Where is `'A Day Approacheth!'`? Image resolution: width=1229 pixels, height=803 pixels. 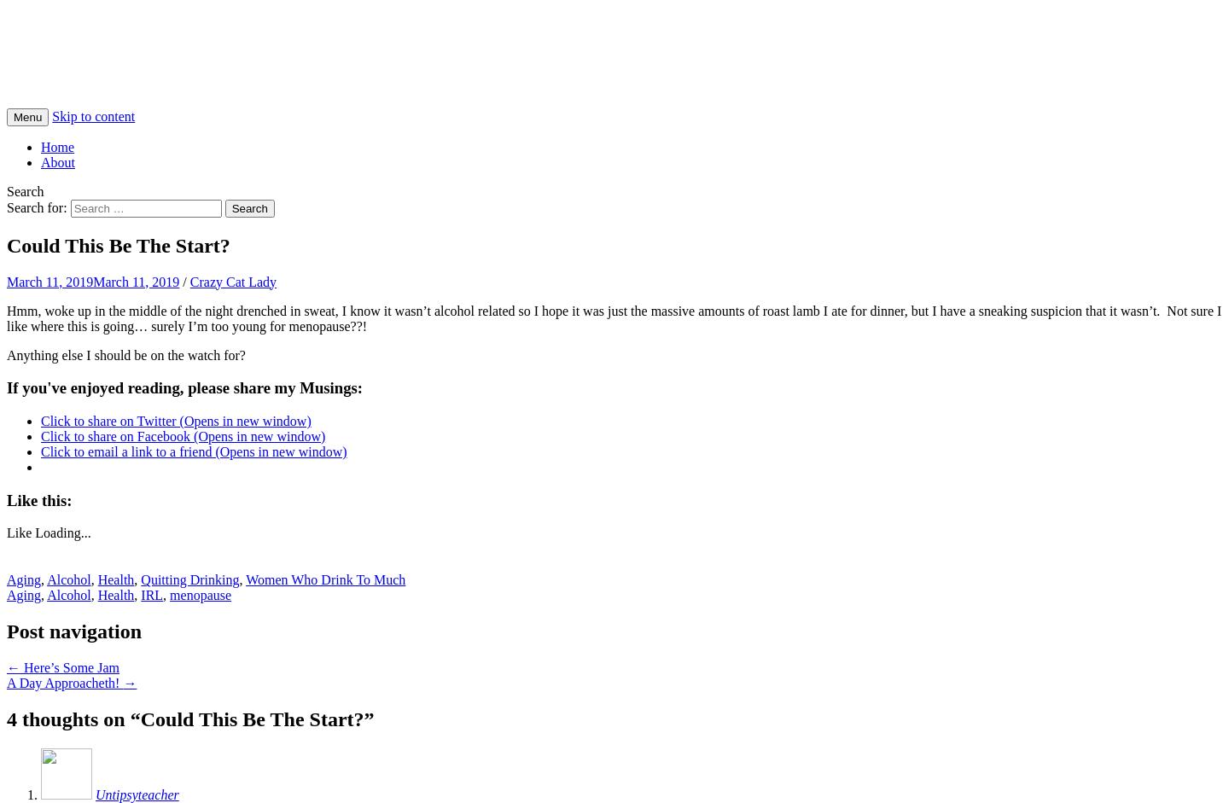 'A Day Approacheth!' is located at coordinates (65, 683).